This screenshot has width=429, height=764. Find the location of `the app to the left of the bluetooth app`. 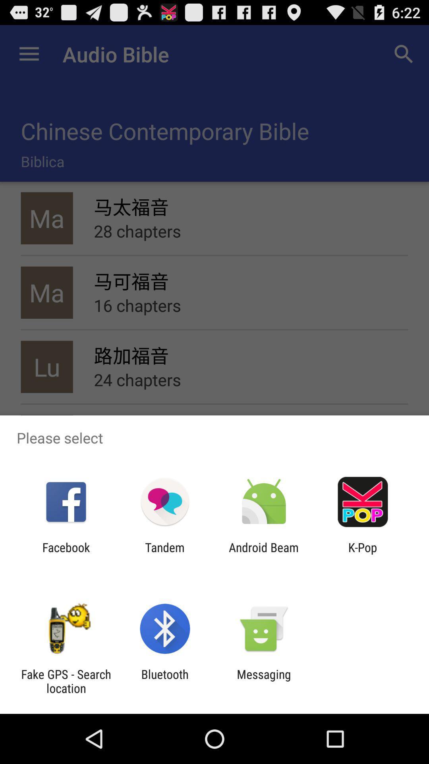

the app to the left of the bluetooth app is located at coordinates (66, 681).